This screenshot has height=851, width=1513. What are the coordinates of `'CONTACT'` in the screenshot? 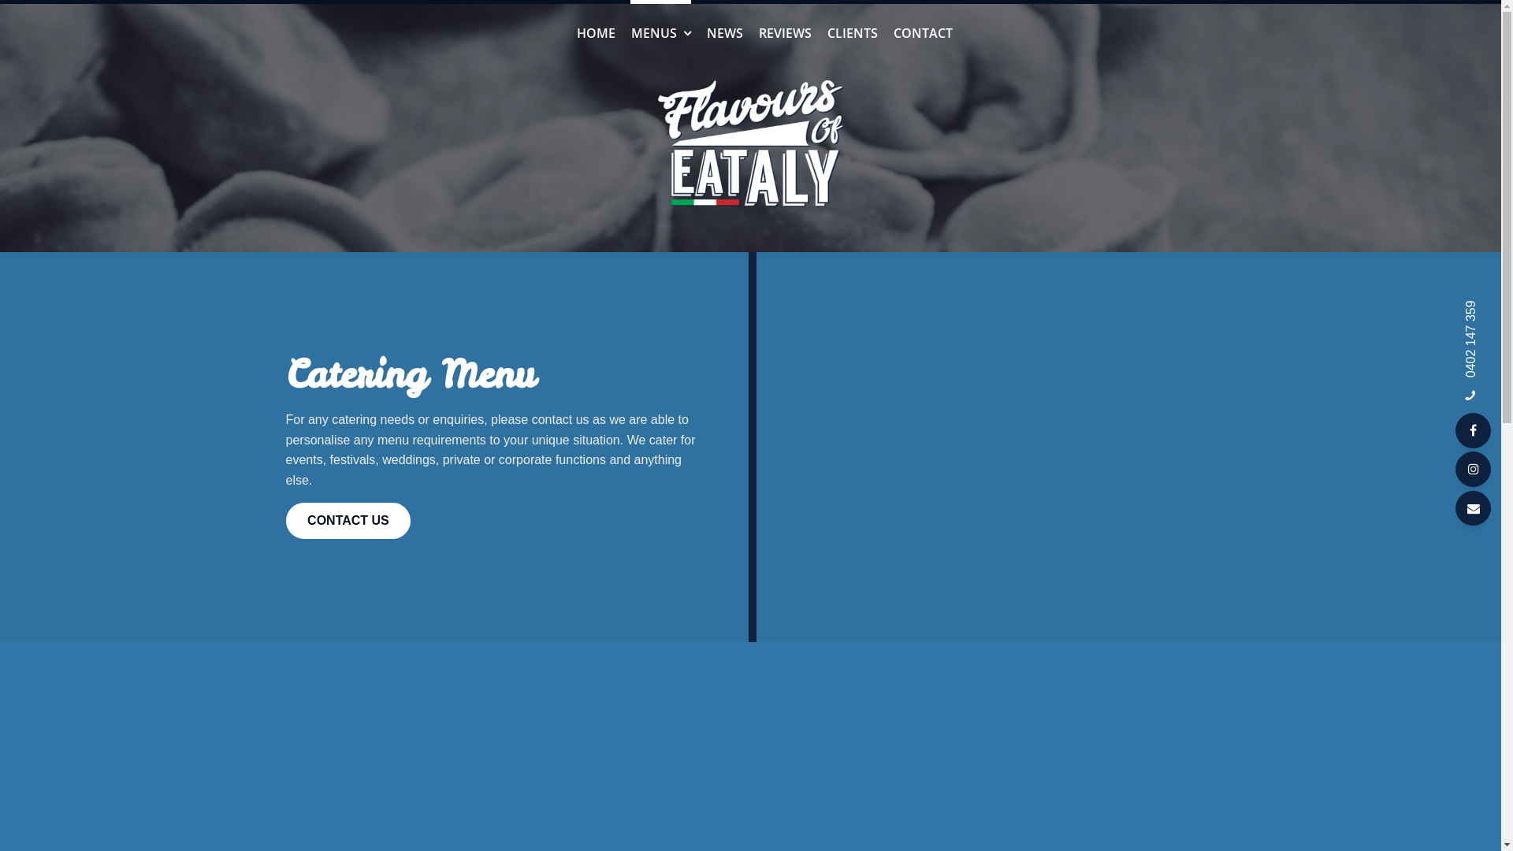 It's located at (923, 33).